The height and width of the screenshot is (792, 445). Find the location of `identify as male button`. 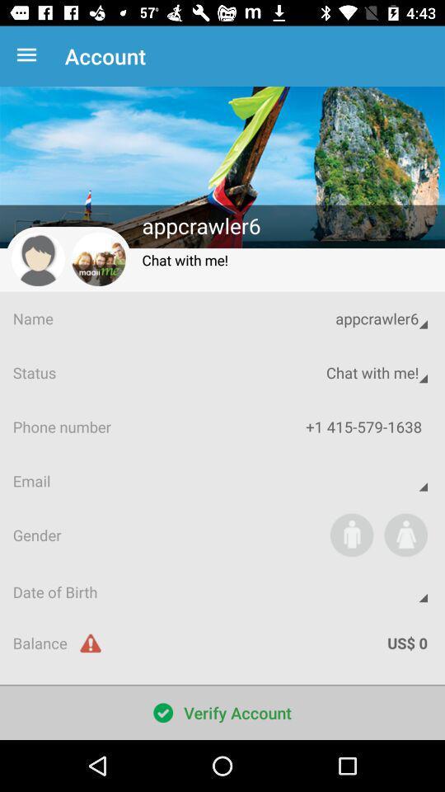

identify as male button is located at coordinates (351, 534).